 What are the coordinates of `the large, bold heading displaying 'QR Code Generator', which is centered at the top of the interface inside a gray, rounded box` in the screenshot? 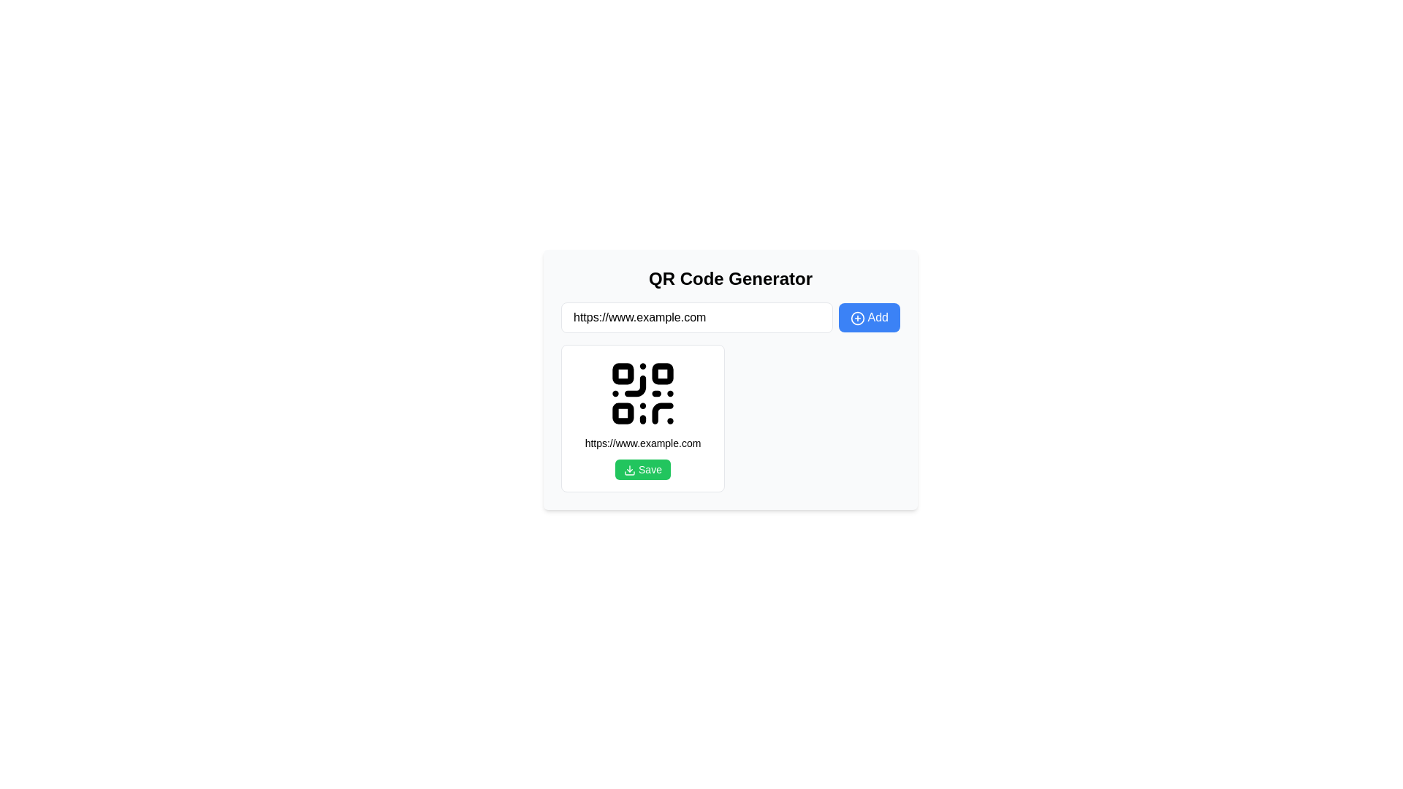 It's located at (730, 278).